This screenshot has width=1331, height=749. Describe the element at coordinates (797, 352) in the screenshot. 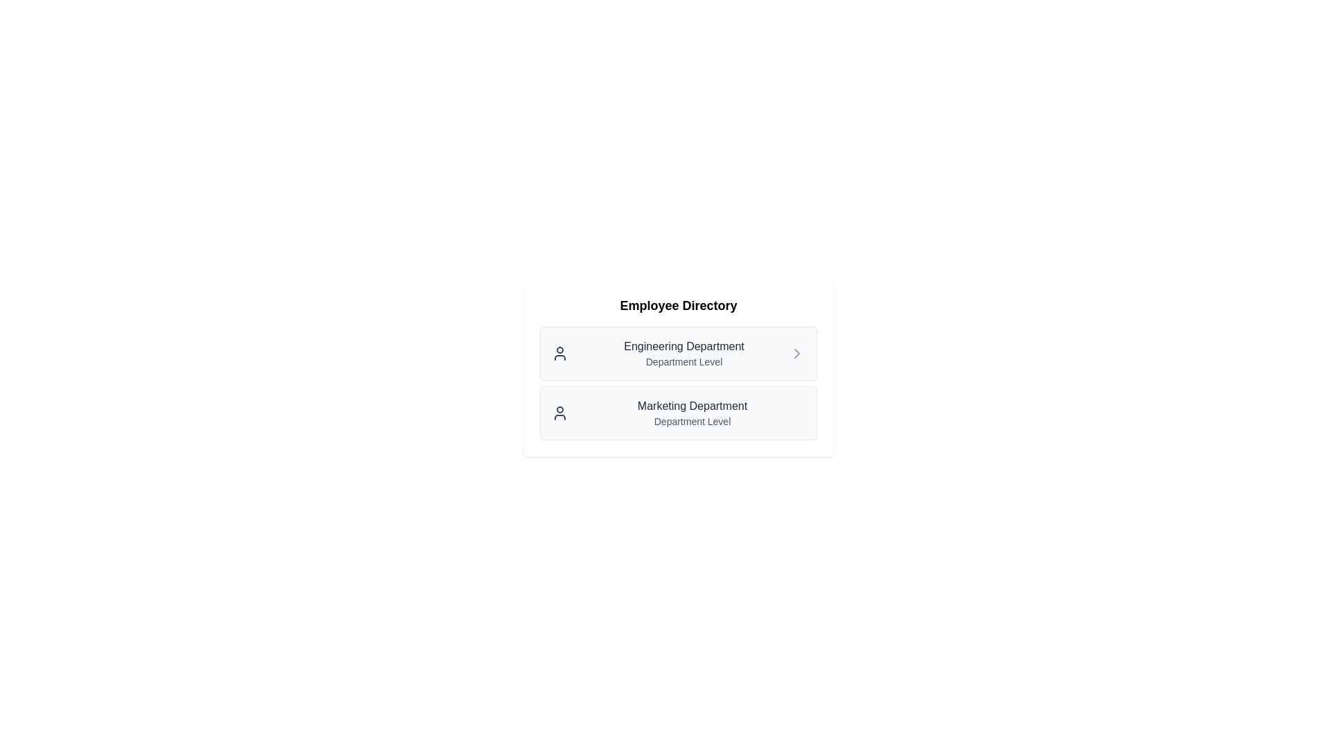

I see `the rightward-pointing chevron icon located to the far-right of the 'Engineering Department' text in the upper entry of the list of departments` at that location.